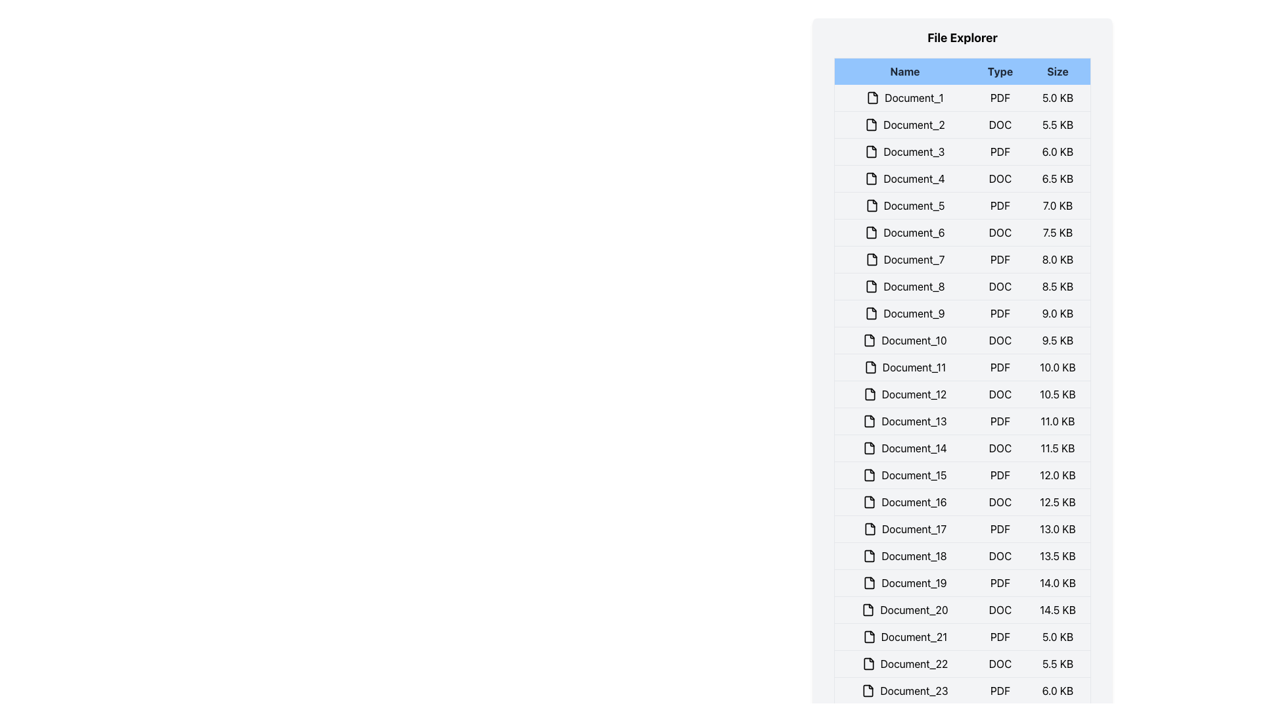  I want to click on the document icon, which is a rectangular shape with a fold at the top right corner, located to the left of the 'Document_12 DOC 10.5 KB' entry in the 'File Explorer' table, so click(870, 394).